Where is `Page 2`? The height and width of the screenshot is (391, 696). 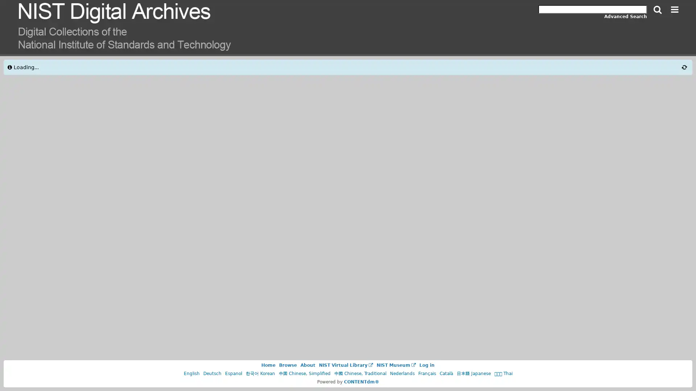 Page 2 is located at coordinates (418, 89).